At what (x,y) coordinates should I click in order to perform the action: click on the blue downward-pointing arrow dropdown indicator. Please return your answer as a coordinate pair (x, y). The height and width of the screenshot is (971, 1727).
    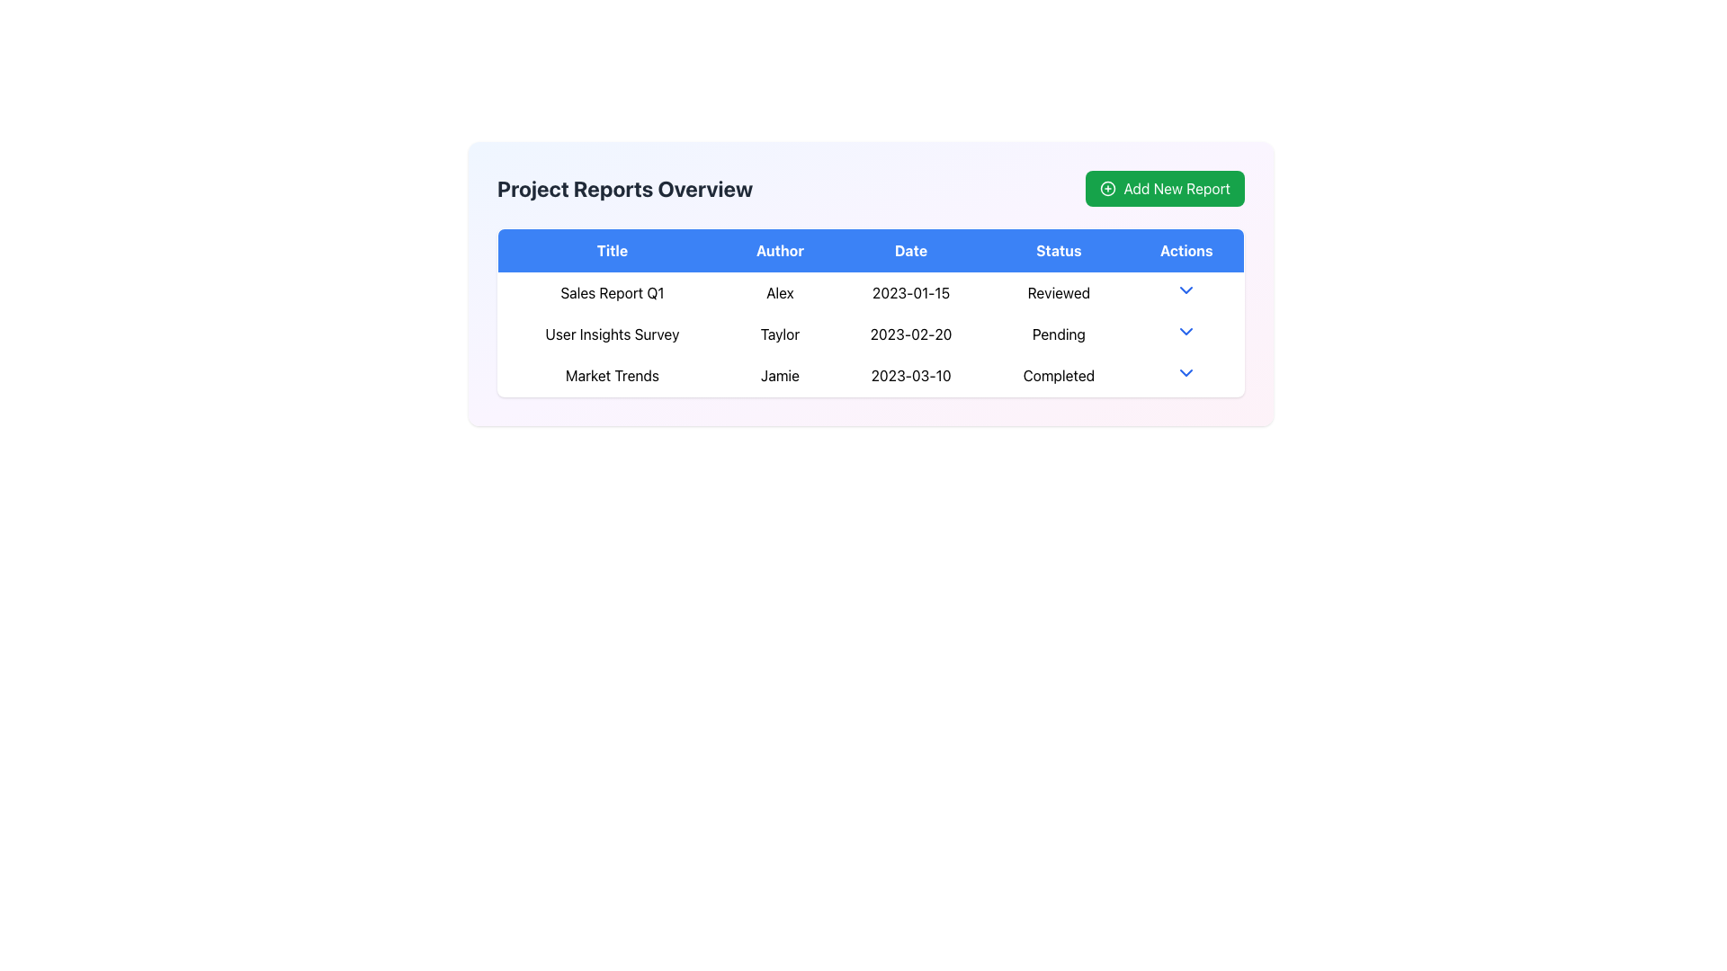
    Looking at the image, I should click on (1186, 292).